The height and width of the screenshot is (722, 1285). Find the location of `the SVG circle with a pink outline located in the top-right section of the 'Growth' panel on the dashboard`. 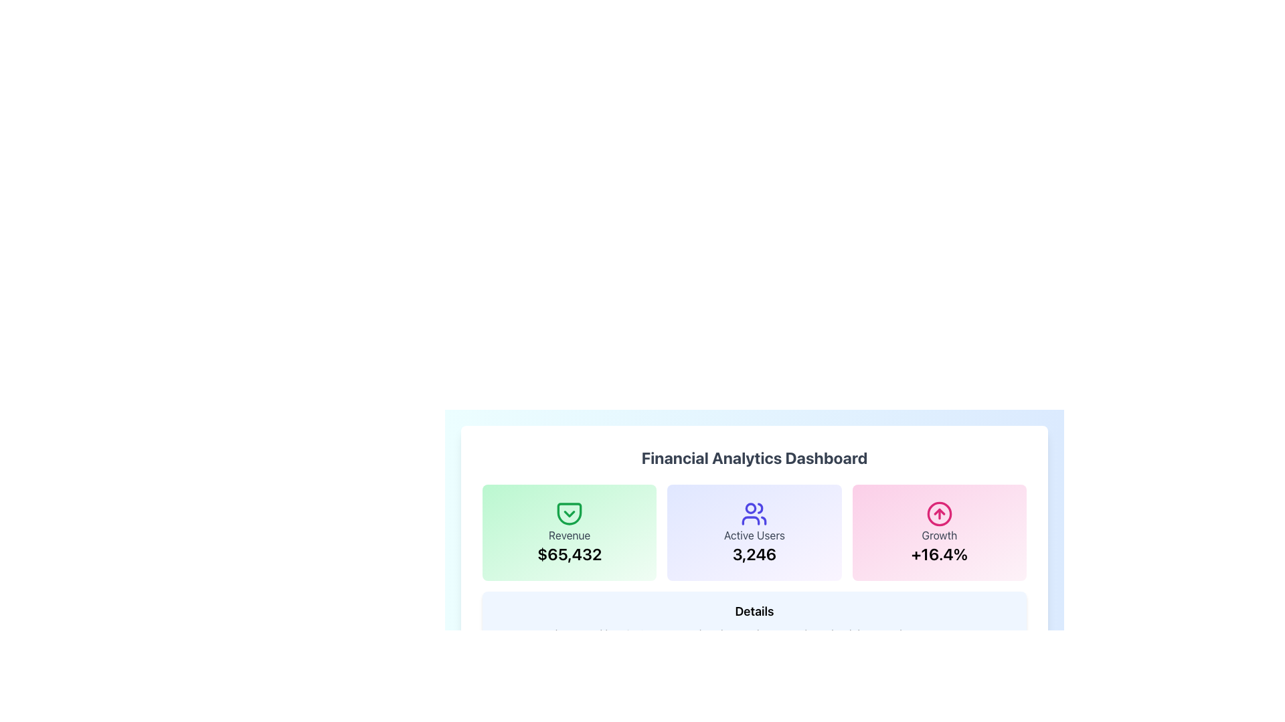

the SVG circle with a pink outline located in the top-right section of the 'Growth' panel on the dashboard is located at coordinates (938, 513).